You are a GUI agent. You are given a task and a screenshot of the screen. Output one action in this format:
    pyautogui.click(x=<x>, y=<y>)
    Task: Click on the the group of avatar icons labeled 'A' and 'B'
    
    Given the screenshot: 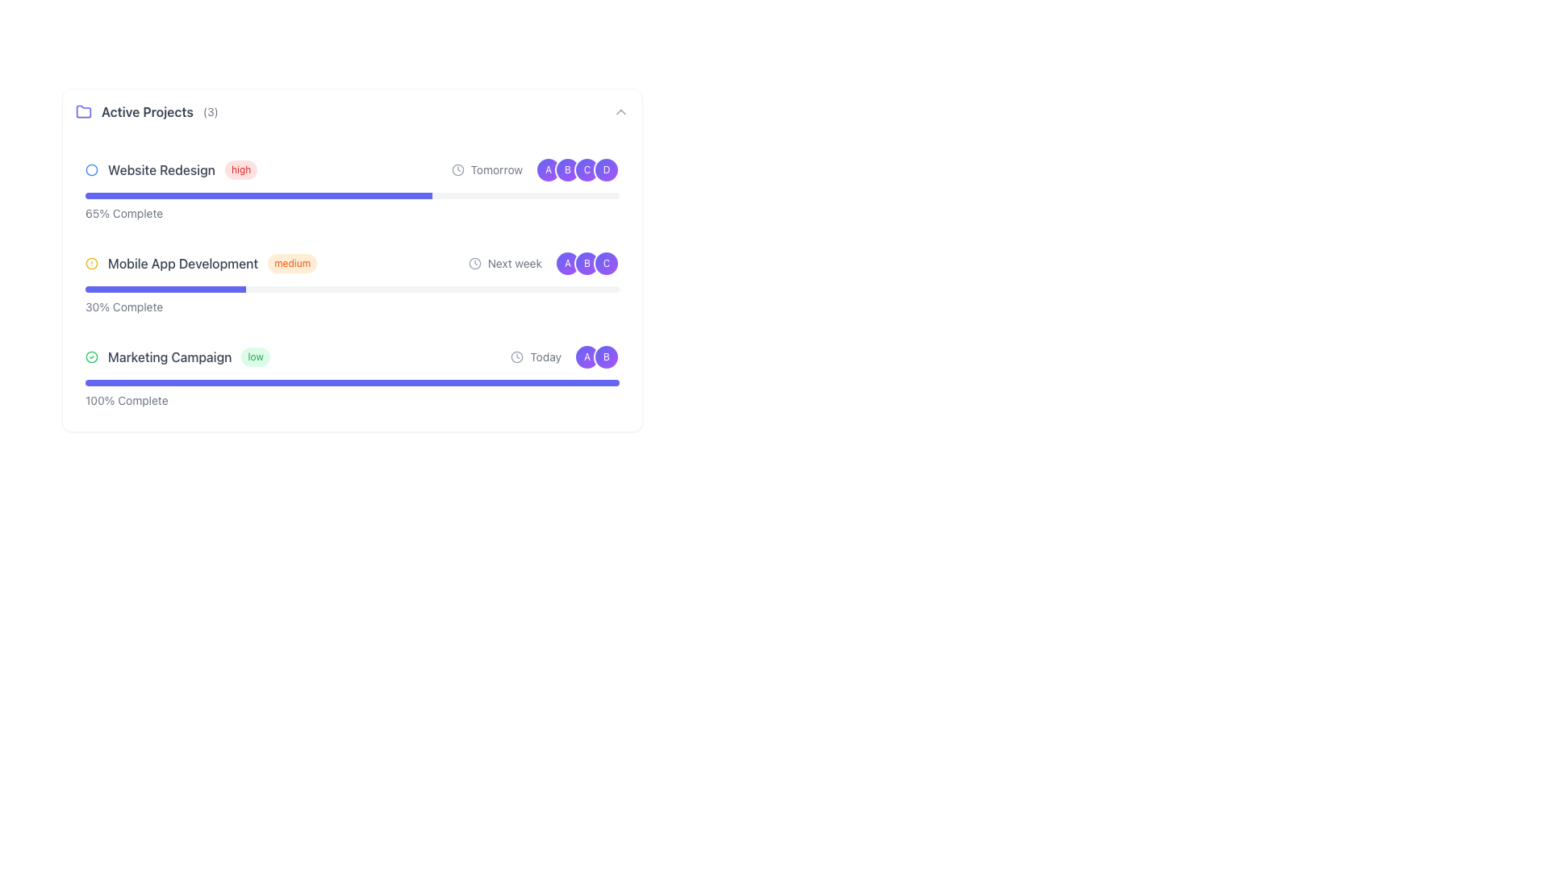 What is the action you would take?
    pyautogui.click(x=595, y=356)
    